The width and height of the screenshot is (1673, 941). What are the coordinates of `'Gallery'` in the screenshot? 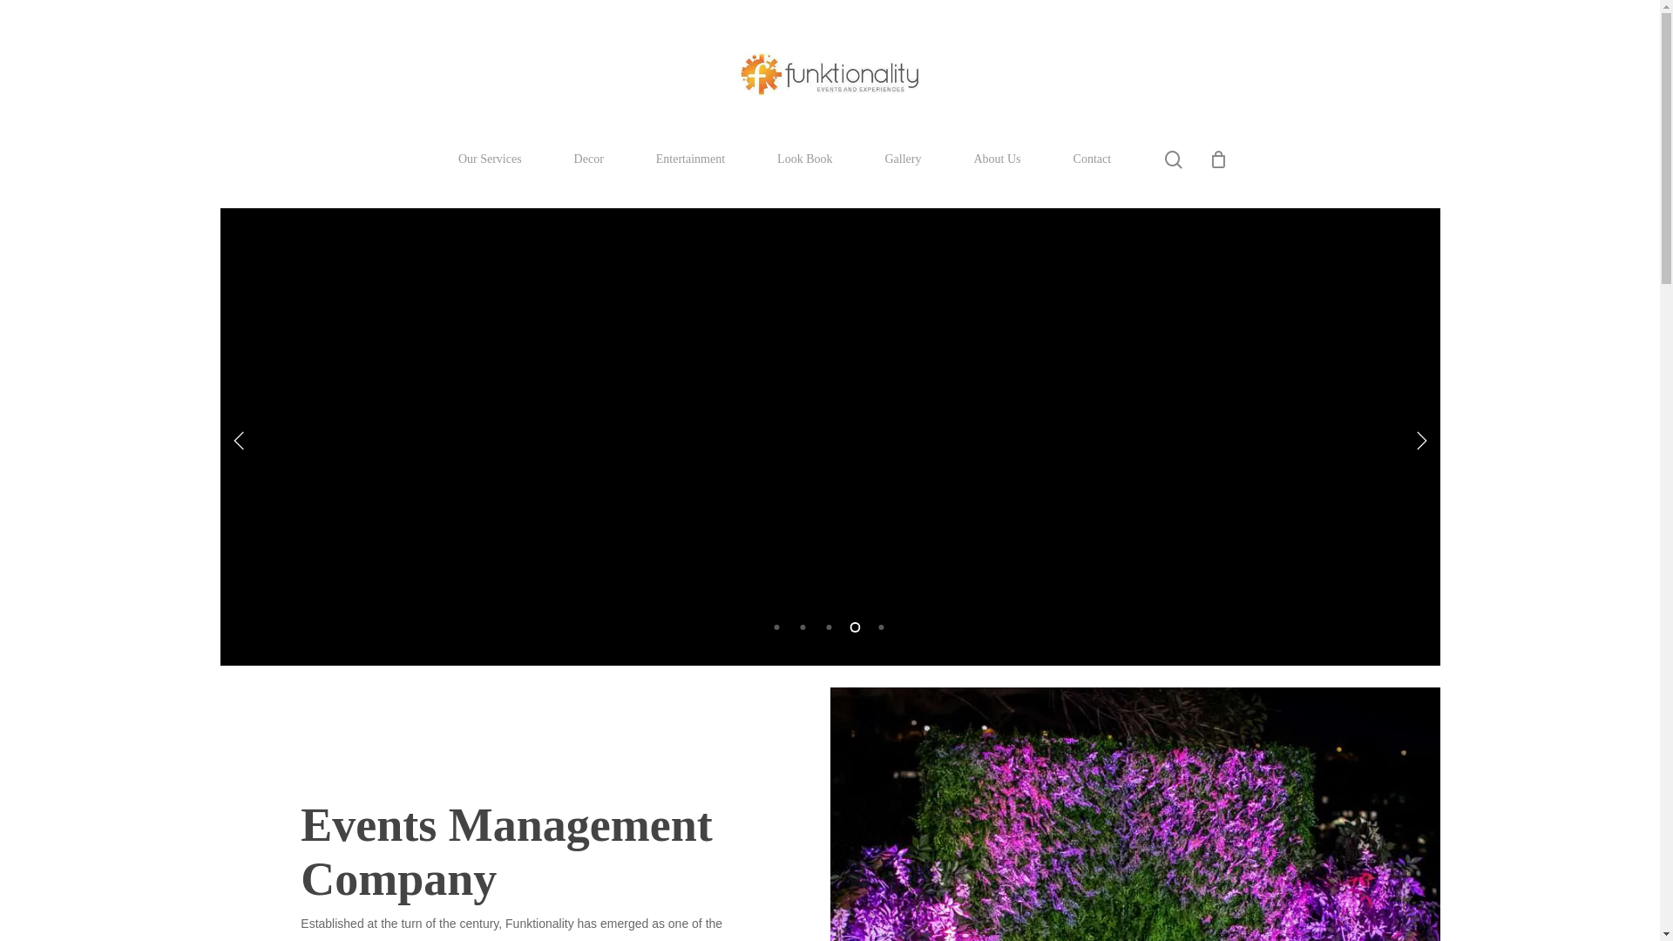 It's located at (885, 159).